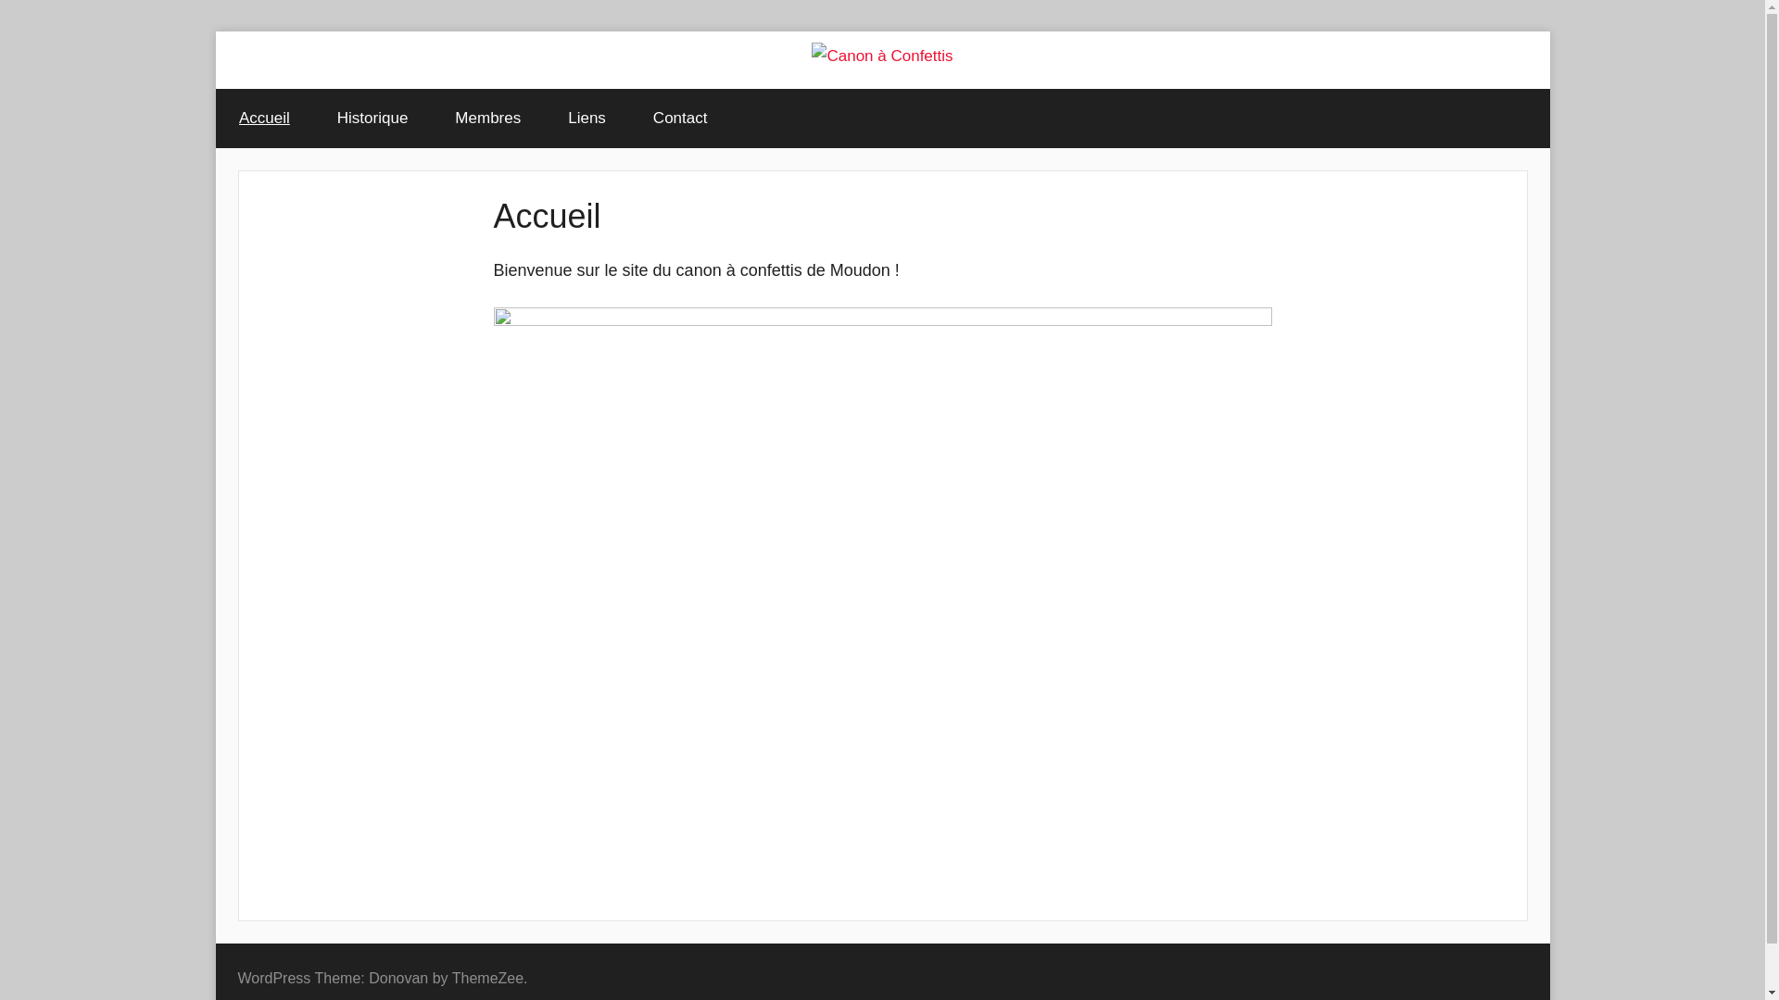 The image size is (1779, 1000). Describe the element at coordinates (679, 118) in the screenshot. I see `'Contact'` at that location.